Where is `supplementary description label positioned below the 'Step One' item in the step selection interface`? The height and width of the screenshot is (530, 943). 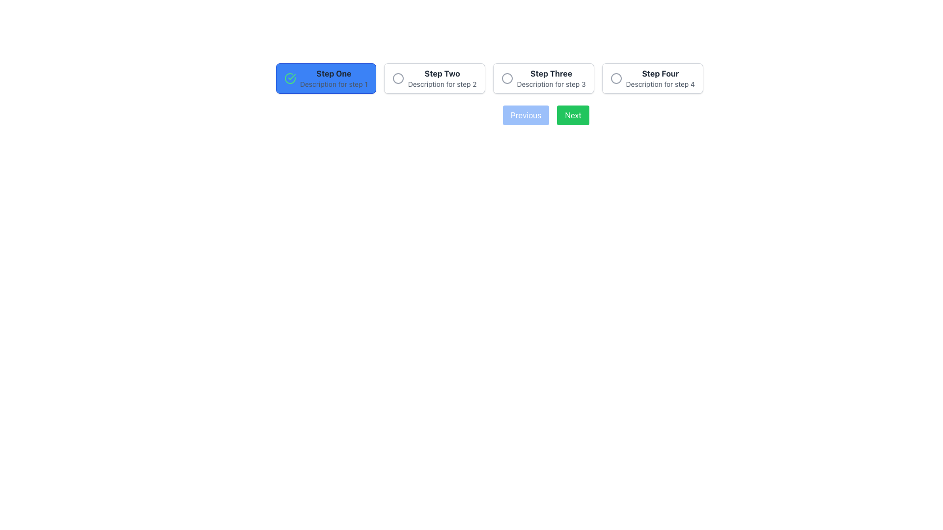 supplementary description label positioned below the 'Step One' item in the step selection interface is located at coordinates (333, 84).